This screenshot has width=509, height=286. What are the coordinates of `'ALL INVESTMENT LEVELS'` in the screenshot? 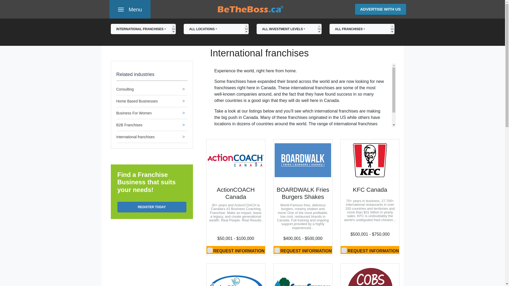 It's located at (289, 29).